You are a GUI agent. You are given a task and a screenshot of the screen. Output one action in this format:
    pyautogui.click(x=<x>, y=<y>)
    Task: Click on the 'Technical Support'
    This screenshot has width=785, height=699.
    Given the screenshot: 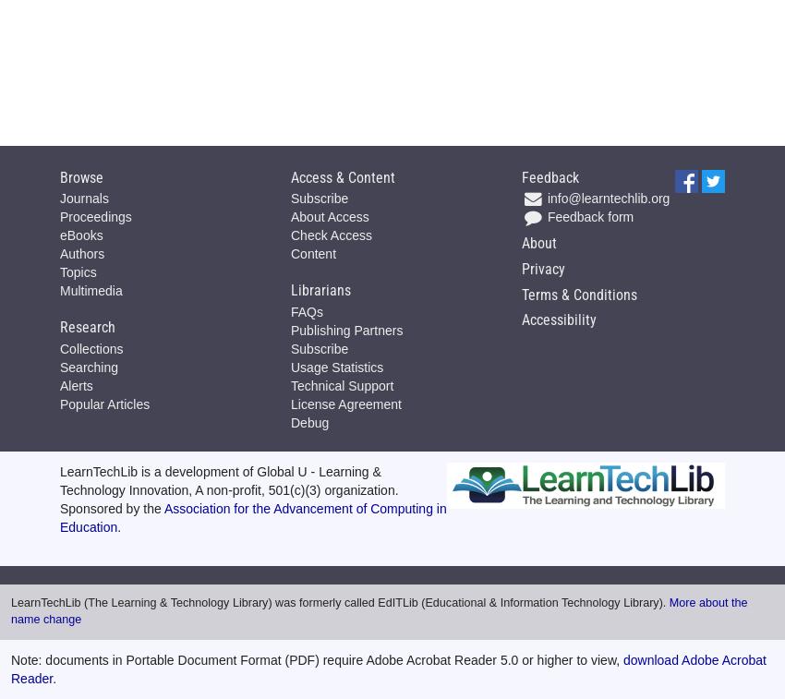 What is the action you would take?
    pyautogui.click(x=341, y=385)
    